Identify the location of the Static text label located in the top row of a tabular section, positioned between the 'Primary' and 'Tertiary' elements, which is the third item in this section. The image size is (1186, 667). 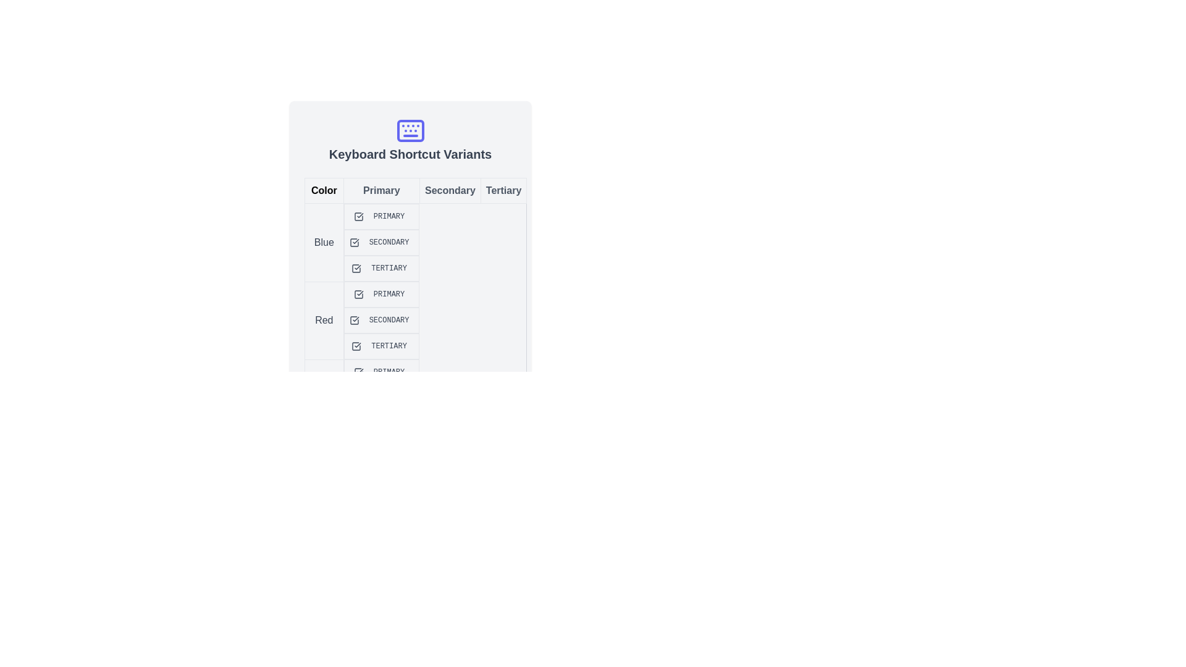
(449, 190).